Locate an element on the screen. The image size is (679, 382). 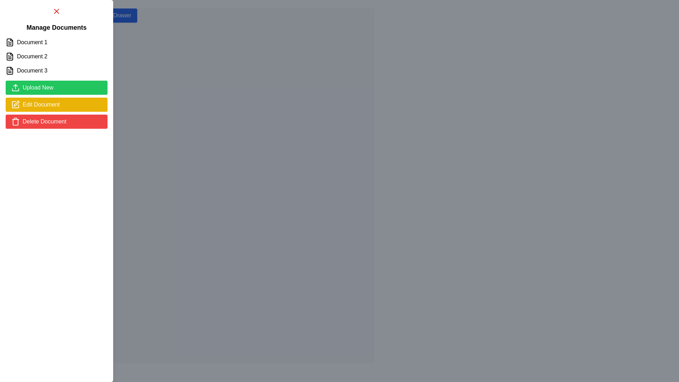
the 'Manage Documents' text label, which serves as the heading of the drawer interface and is prominently styled with a bold, larger font size is located at coordinates (56, 27).